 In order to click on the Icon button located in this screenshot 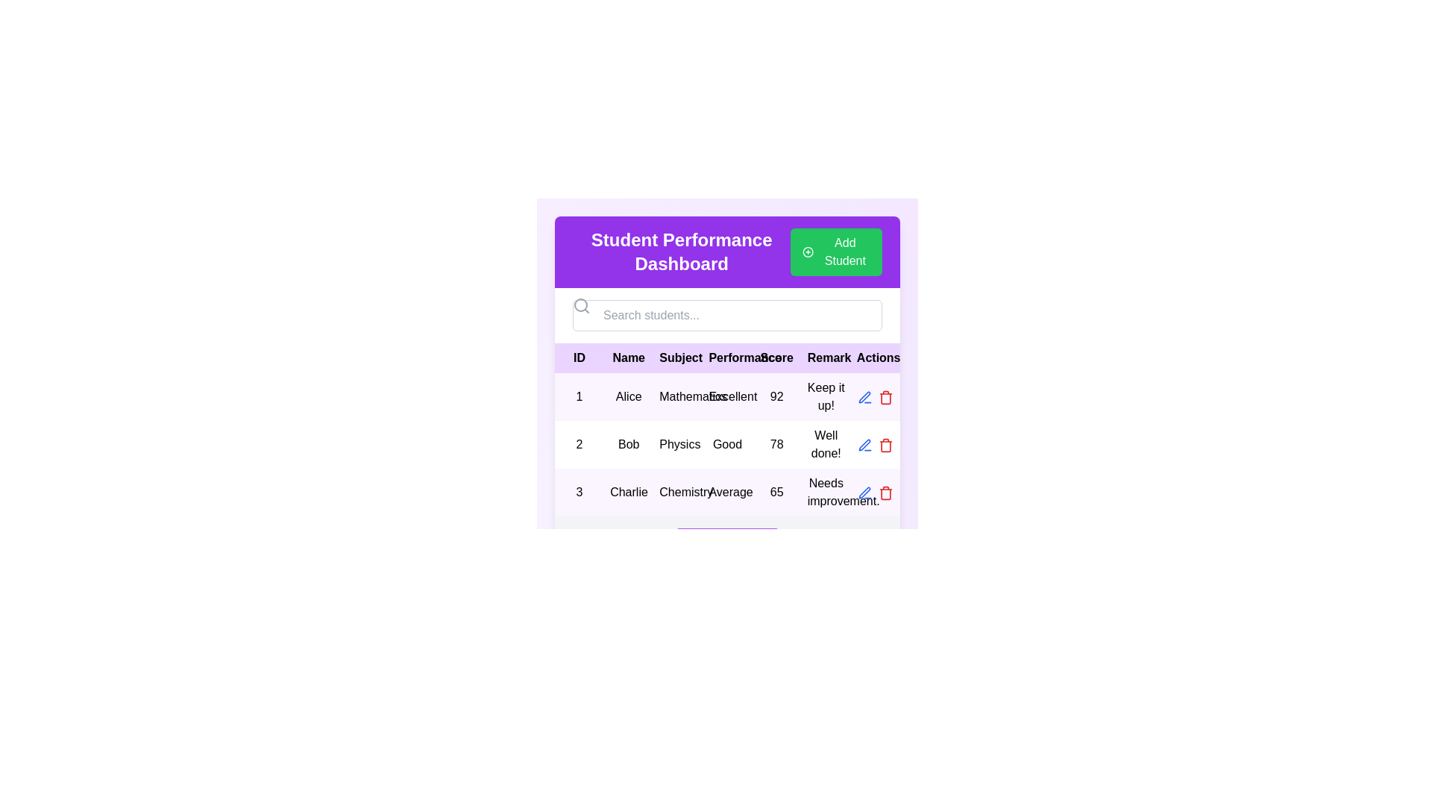, I will do `click(864, 492)`.